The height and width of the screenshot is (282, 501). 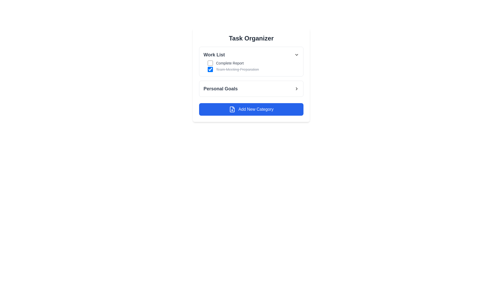 What do you see at coordinates (251, 109) in the screenshot?
I see `the 'Add New Category' button, which has a blue background, rounded corners, and a white document with a plus sign icon, located below the 'Personal Goals' section` at bounding box center [251, 109].